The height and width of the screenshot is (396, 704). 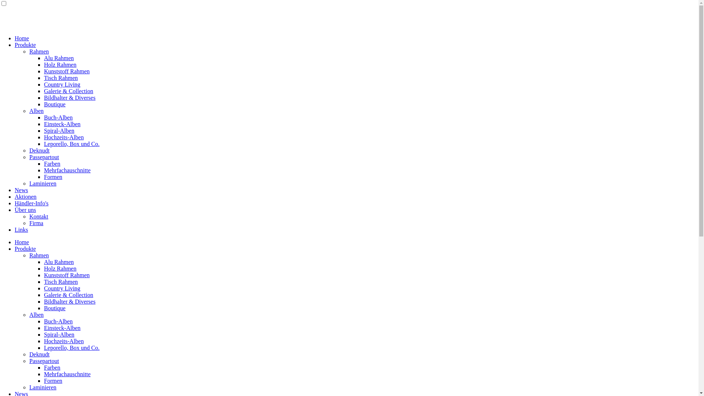 What do you see at coordinates (59, 261) in the screenshot?
I see `'Alu Rahmen'` at bounding box center [59, 261].